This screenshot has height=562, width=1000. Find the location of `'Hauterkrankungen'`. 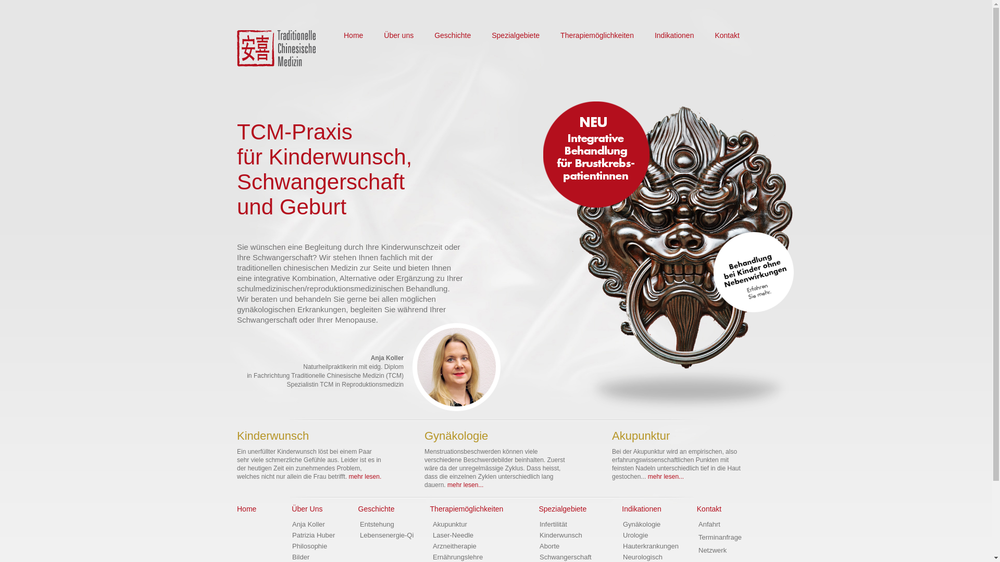

'Hauterkrankungen' is located at coordinates (650, 545).